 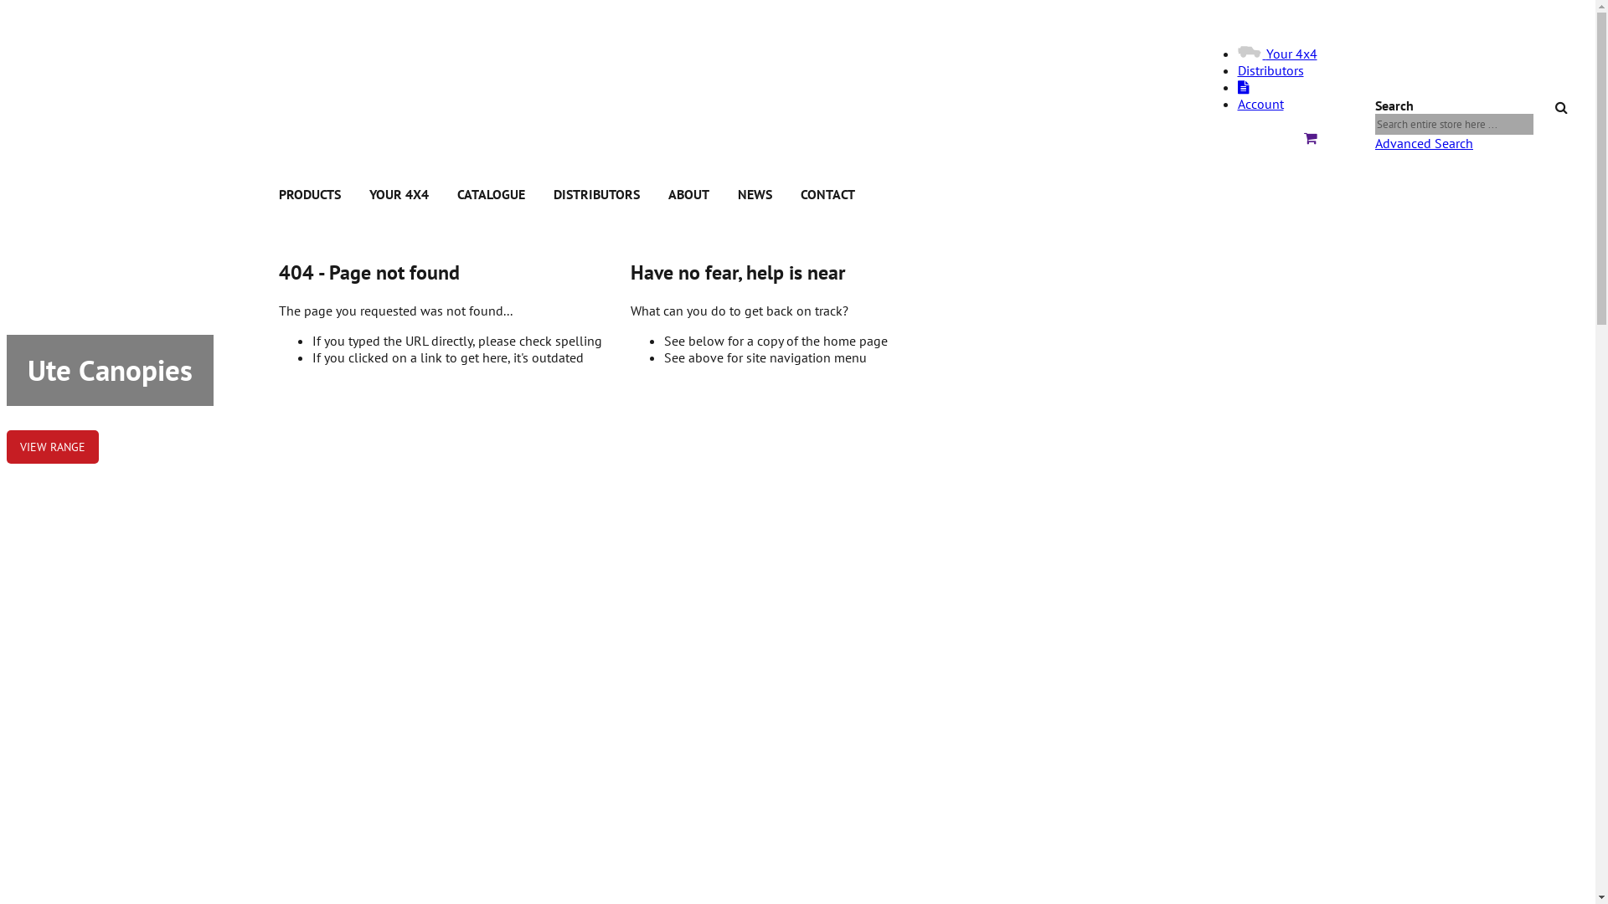 What do you see at coordinates (1260, 103) in the screenshot?
I see `'Account'` at bounding box center [1260, 103].